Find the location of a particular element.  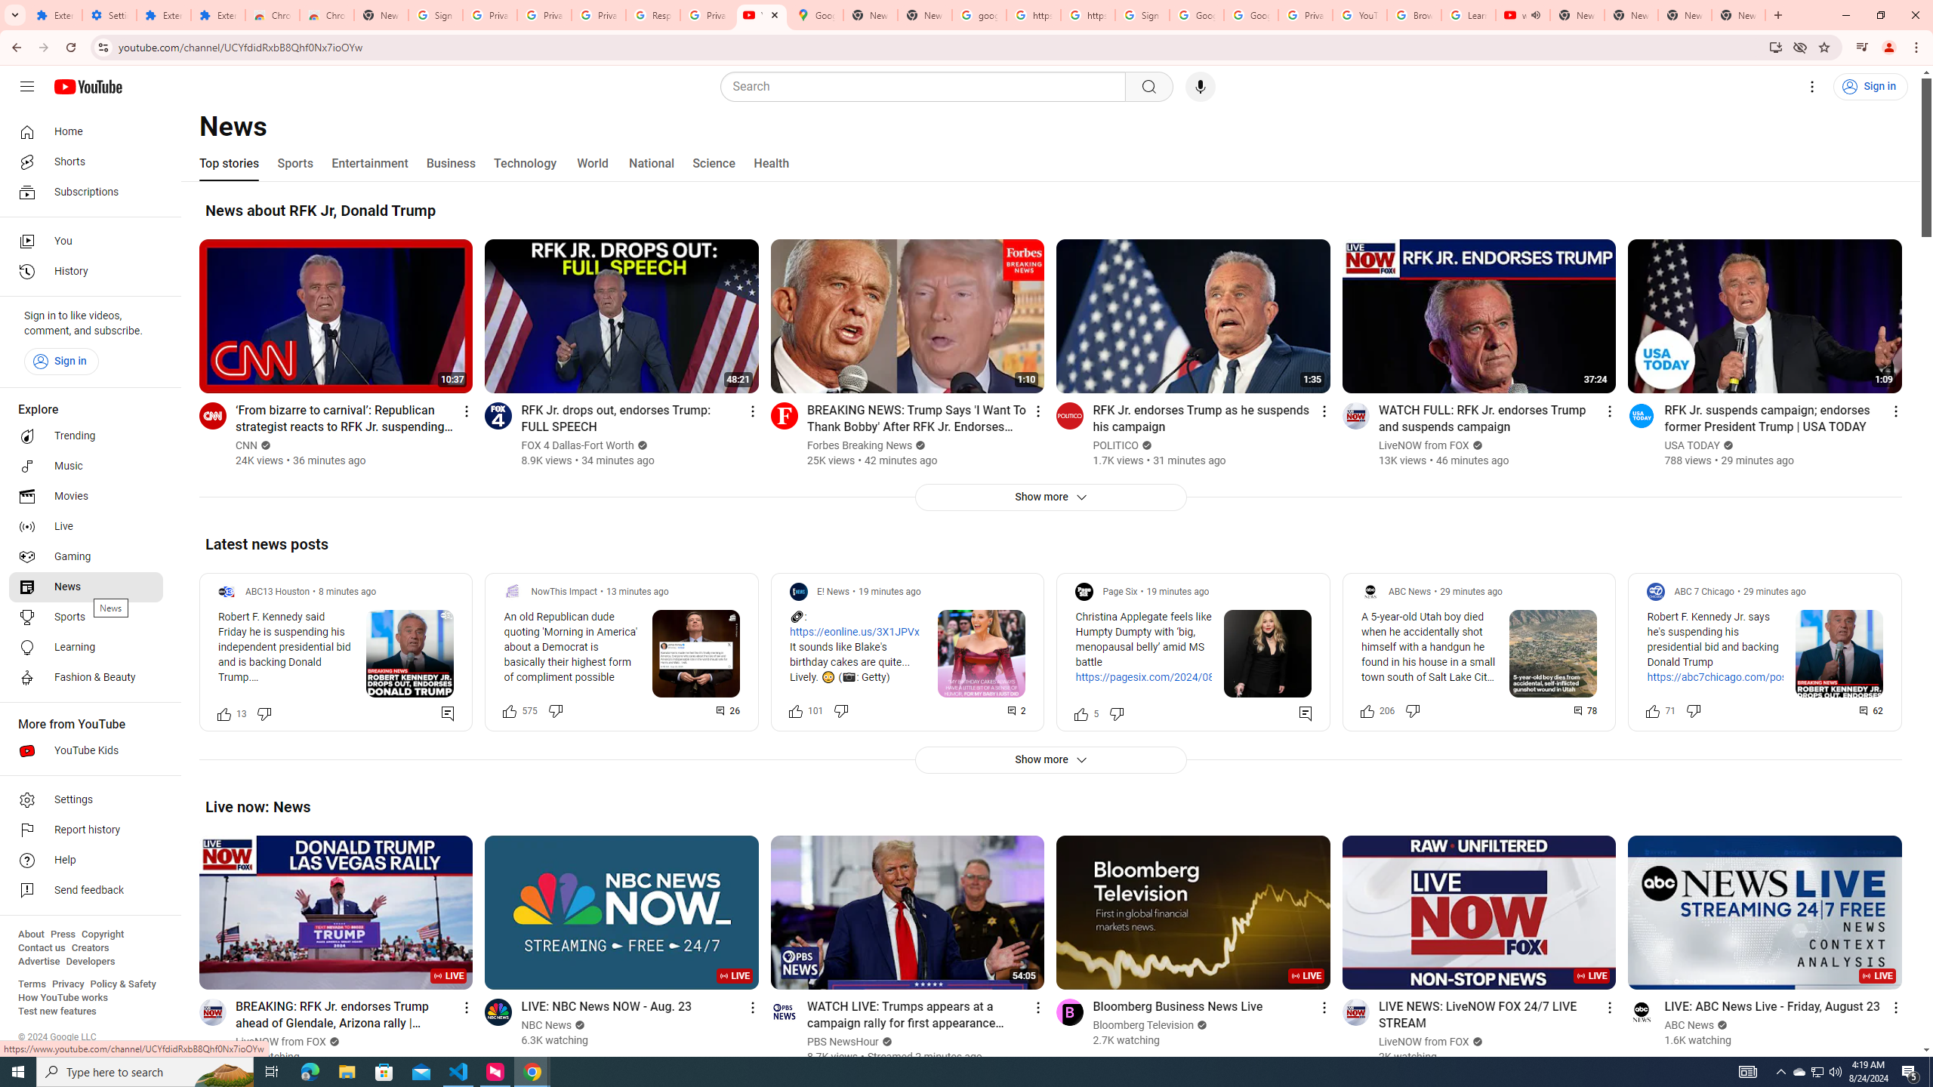

'https://eonline.us/3X1JPVx' is located at coordinates (853, 631).